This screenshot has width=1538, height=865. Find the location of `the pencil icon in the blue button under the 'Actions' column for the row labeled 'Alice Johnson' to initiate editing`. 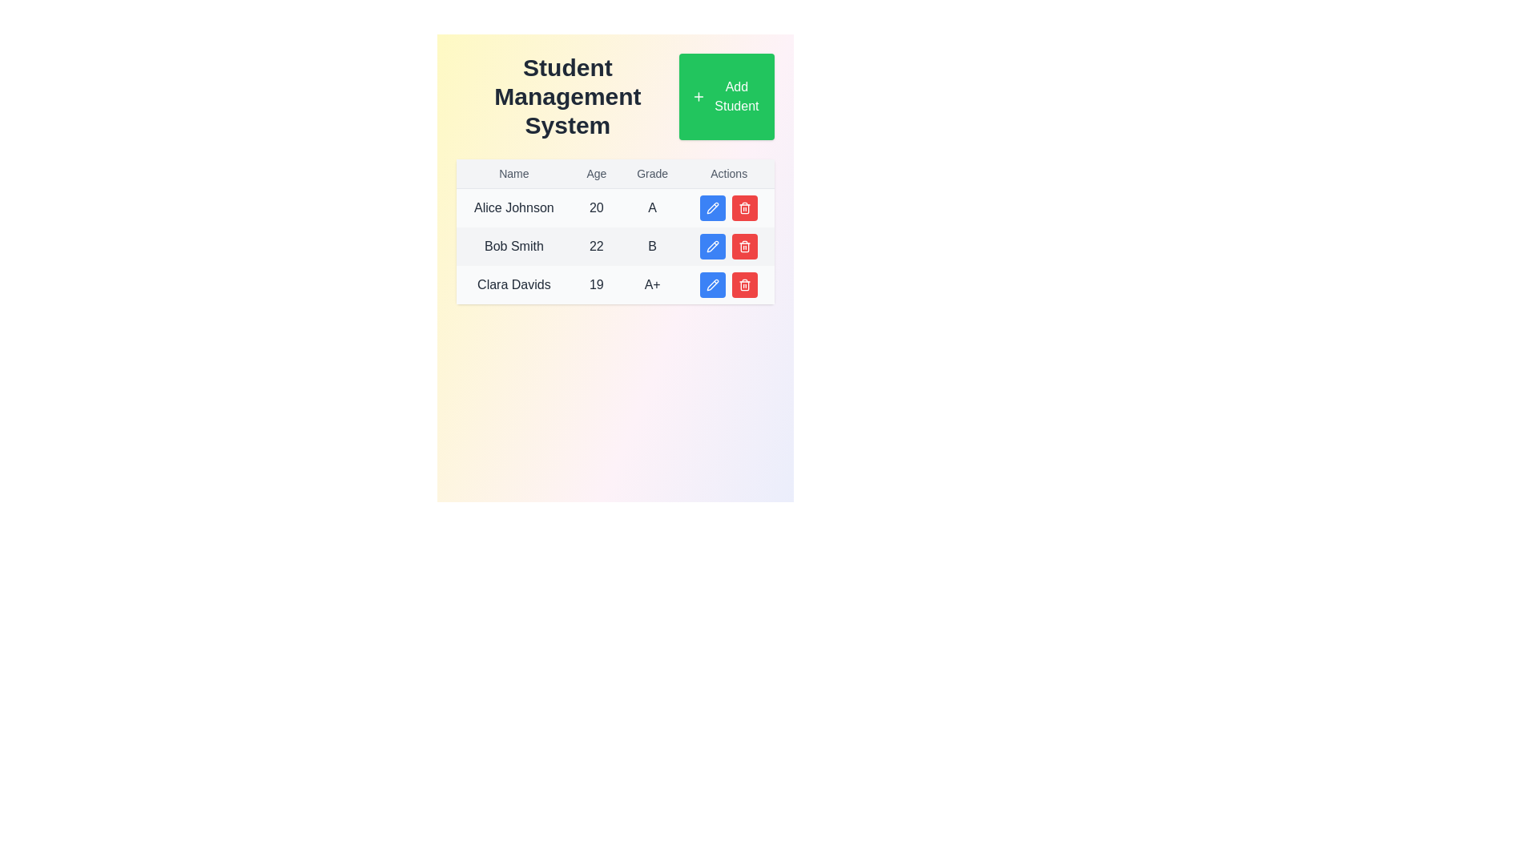

the pencil icon in the blue button under the 'Actions' column for the row labeled 'Alice Johnson' to initiate editing is located at coordinates (712, 207).